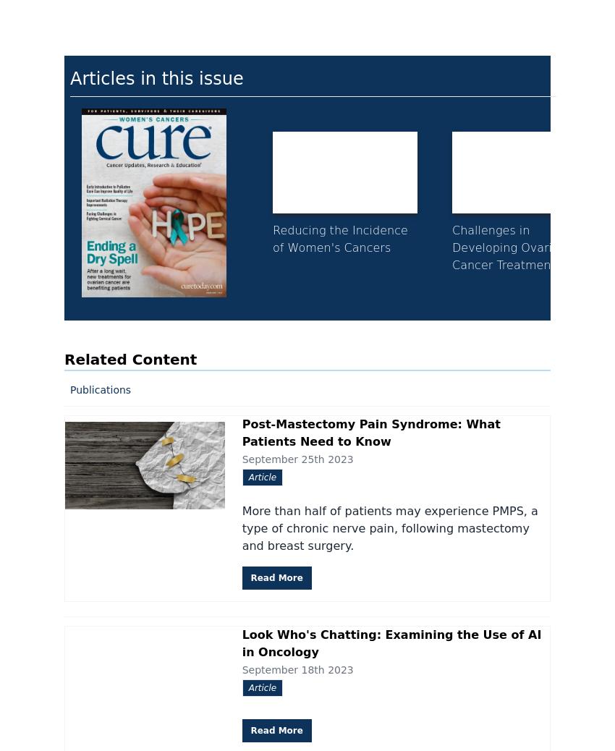  What do you see at coordinates (339, 238) in the screenshot?
I see `'Reducing the Incidence of Women's Cancers'` at bounding box center [339, 238].